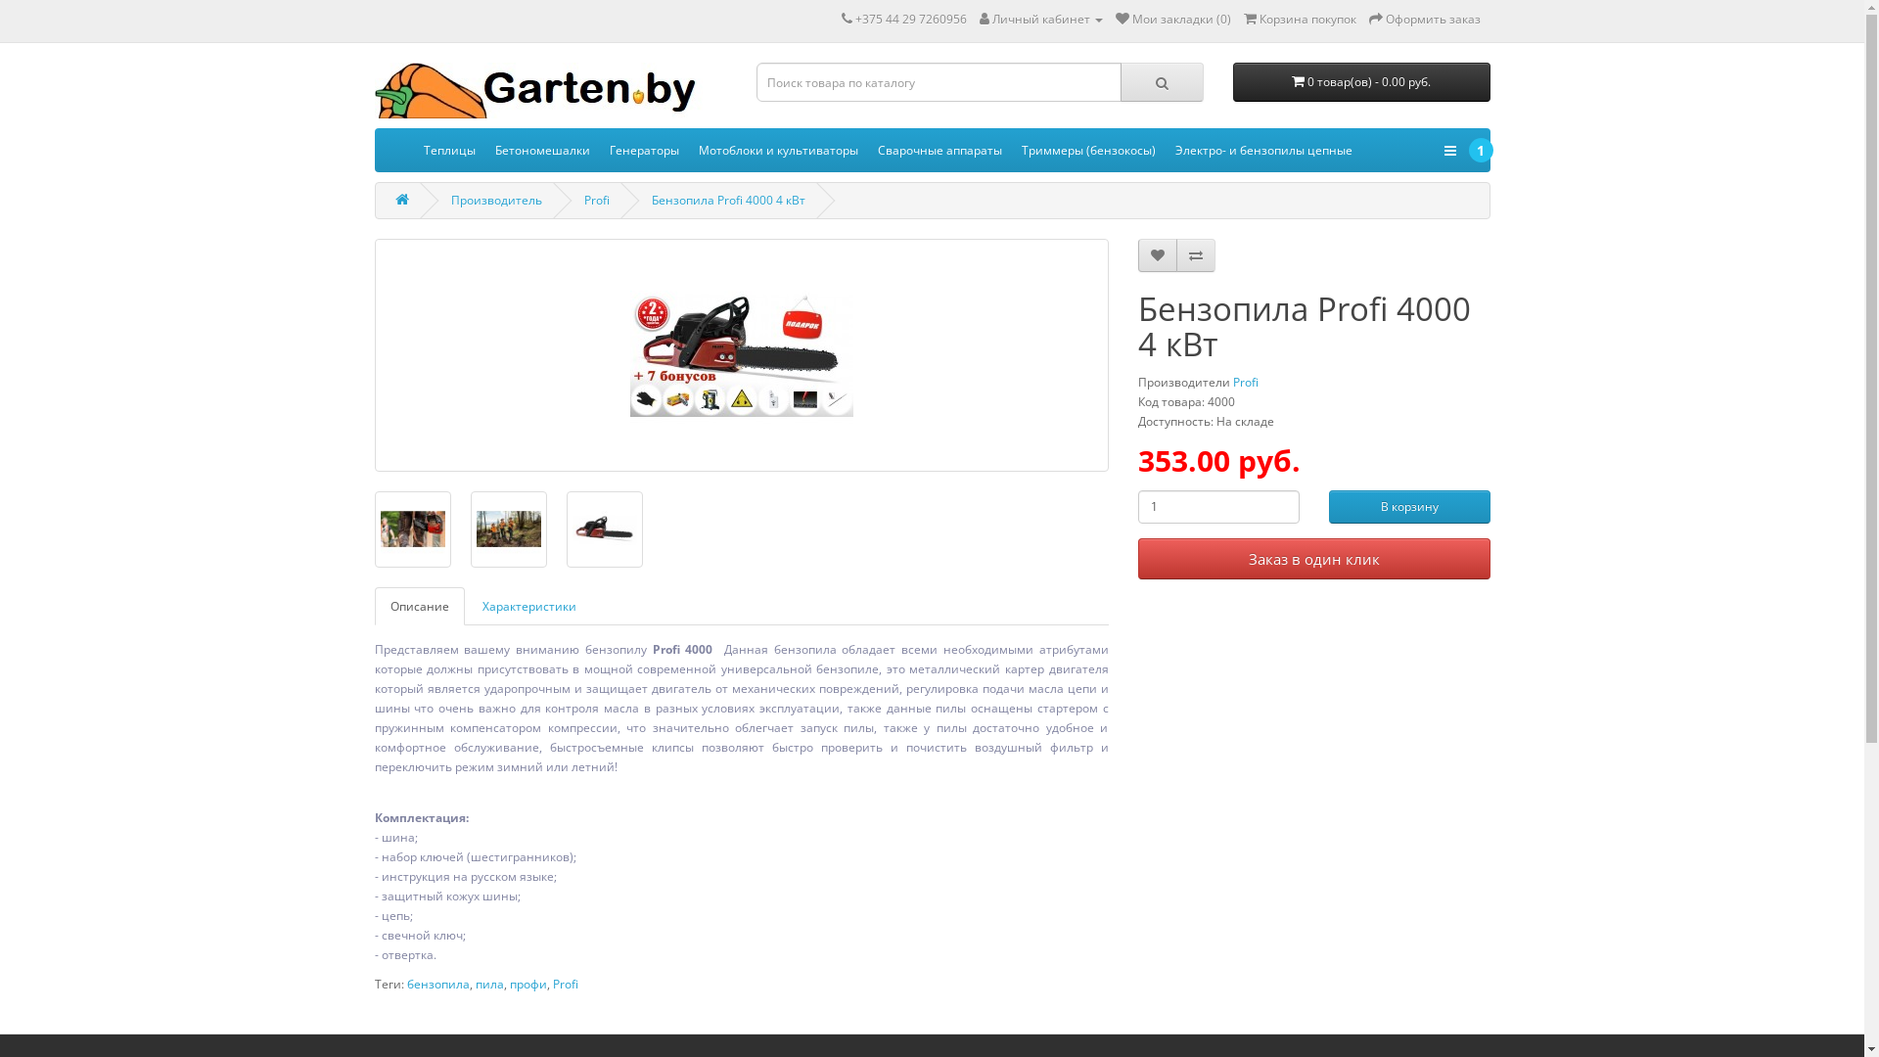 Image resolution: width=1879 pixels, height=1057 pixels. What do you see at coordinates (563, 984) in the screenshot?
I see `'Profi'` at bounding box center [563, 984].